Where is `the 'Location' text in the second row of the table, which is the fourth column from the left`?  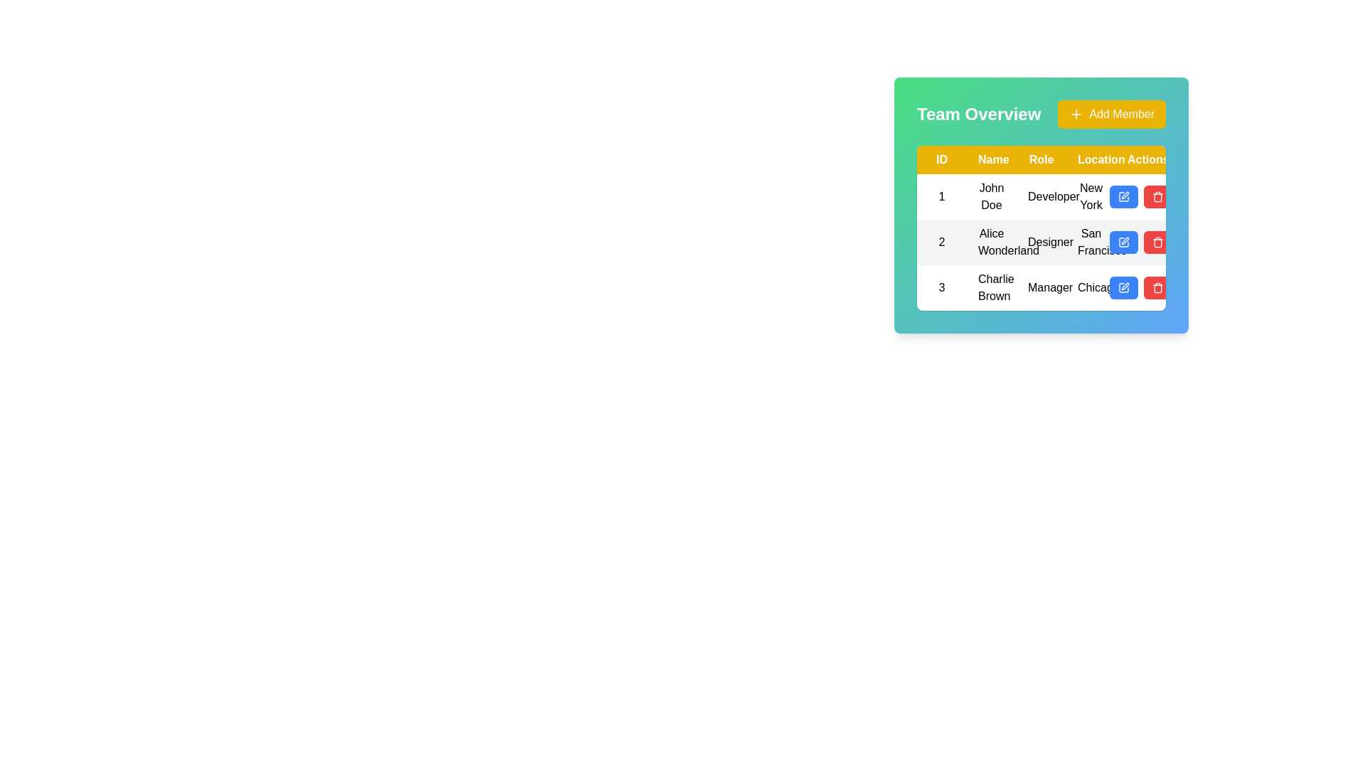 the 'Location' text in the second row of the table, which is the fourth column from the left is located at coordinates (1091, 241).